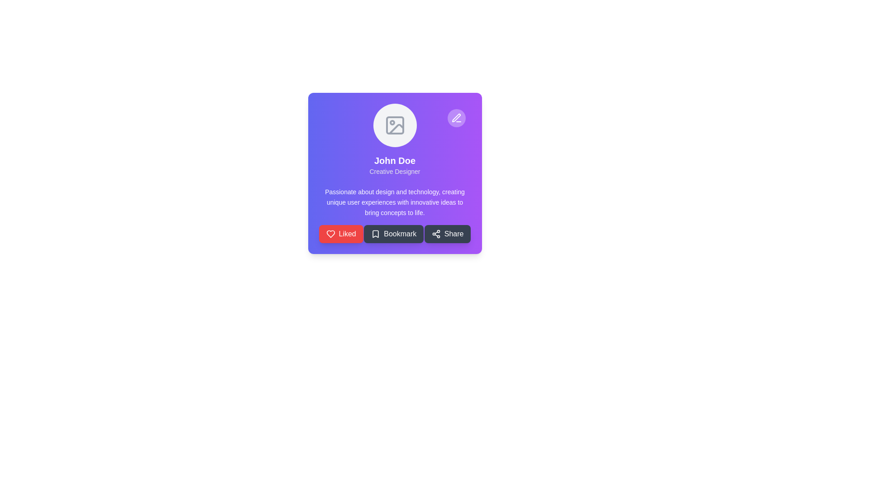  I want to click on the first button that signifies a 'like' action, so click(340, 234).